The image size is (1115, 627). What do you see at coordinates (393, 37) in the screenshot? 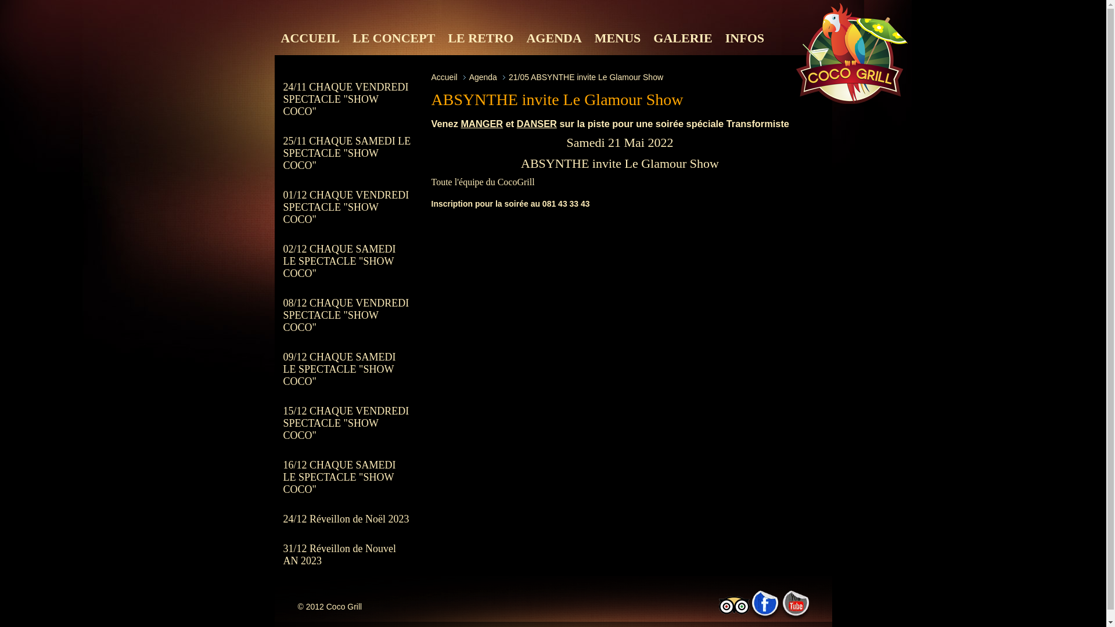
I see `'LE CONCEPT'` at bounding box center [393, 37].